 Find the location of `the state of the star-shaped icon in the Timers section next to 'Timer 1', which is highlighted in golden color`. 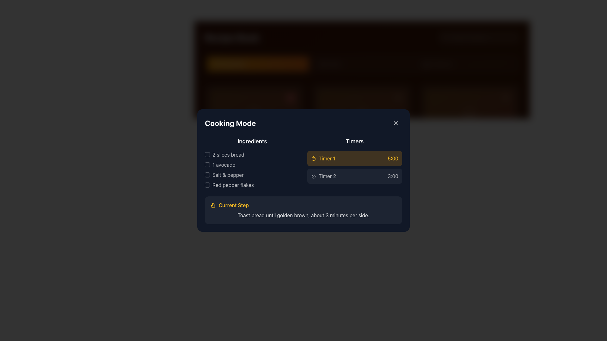

the state of the star-shaped icon in the Timers section next to 'Timer 1', which is highlighted in golden color is located at coordinates (391, 149).